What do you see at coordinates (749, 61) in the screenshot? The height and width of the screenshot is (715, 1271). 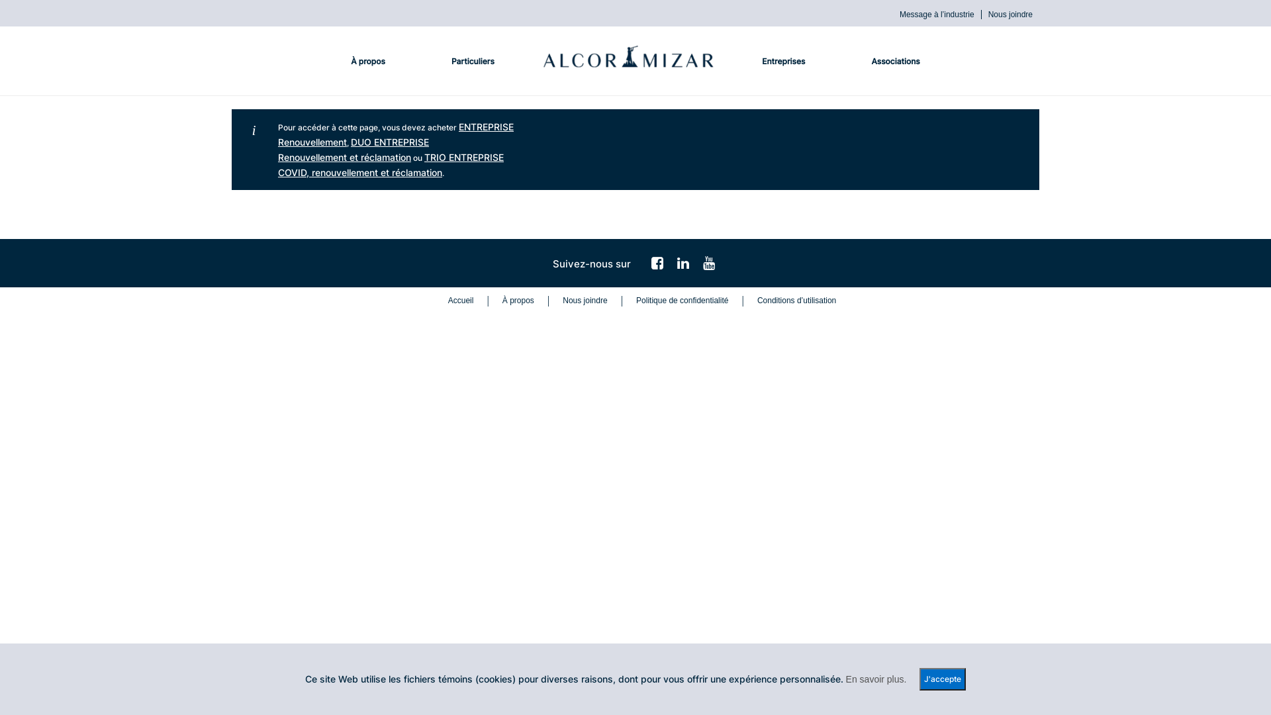 I see `'Entreprises'` at bounding box center [749, 61].